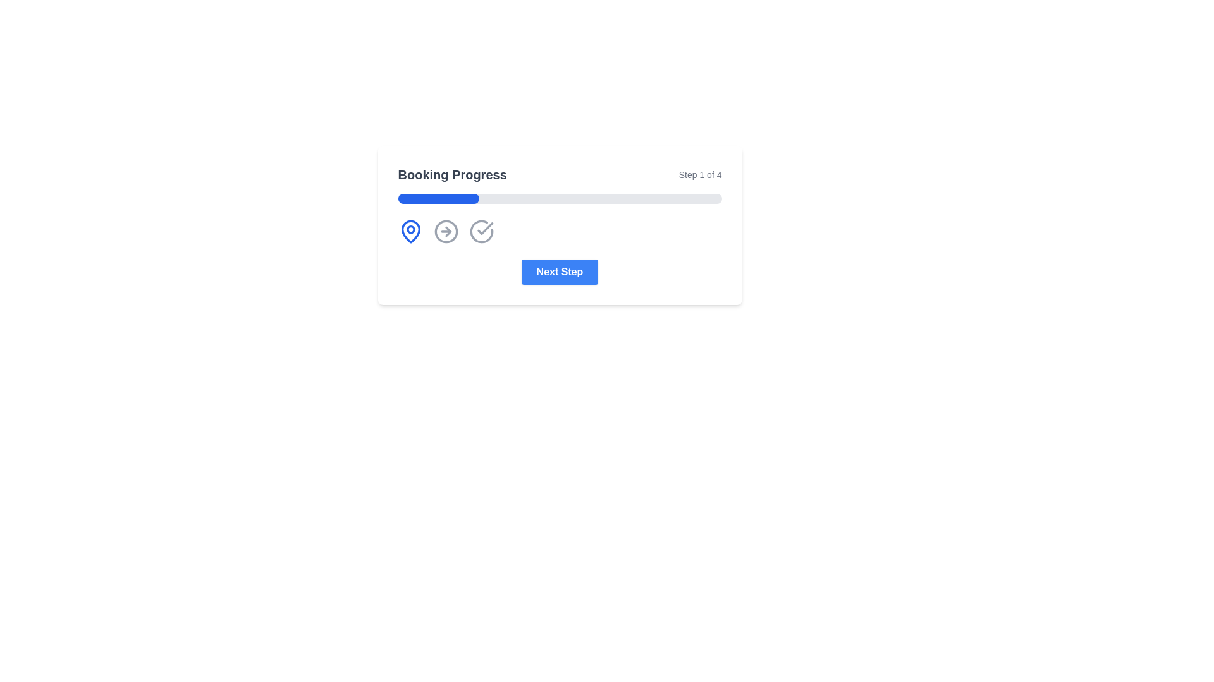 The image size is (1214, 682). Describe the element at coordinates (559, 272) in the screenshot. I see `the 'Next Step' button with a blue background and white bold text to proceed to the next step` at that location.